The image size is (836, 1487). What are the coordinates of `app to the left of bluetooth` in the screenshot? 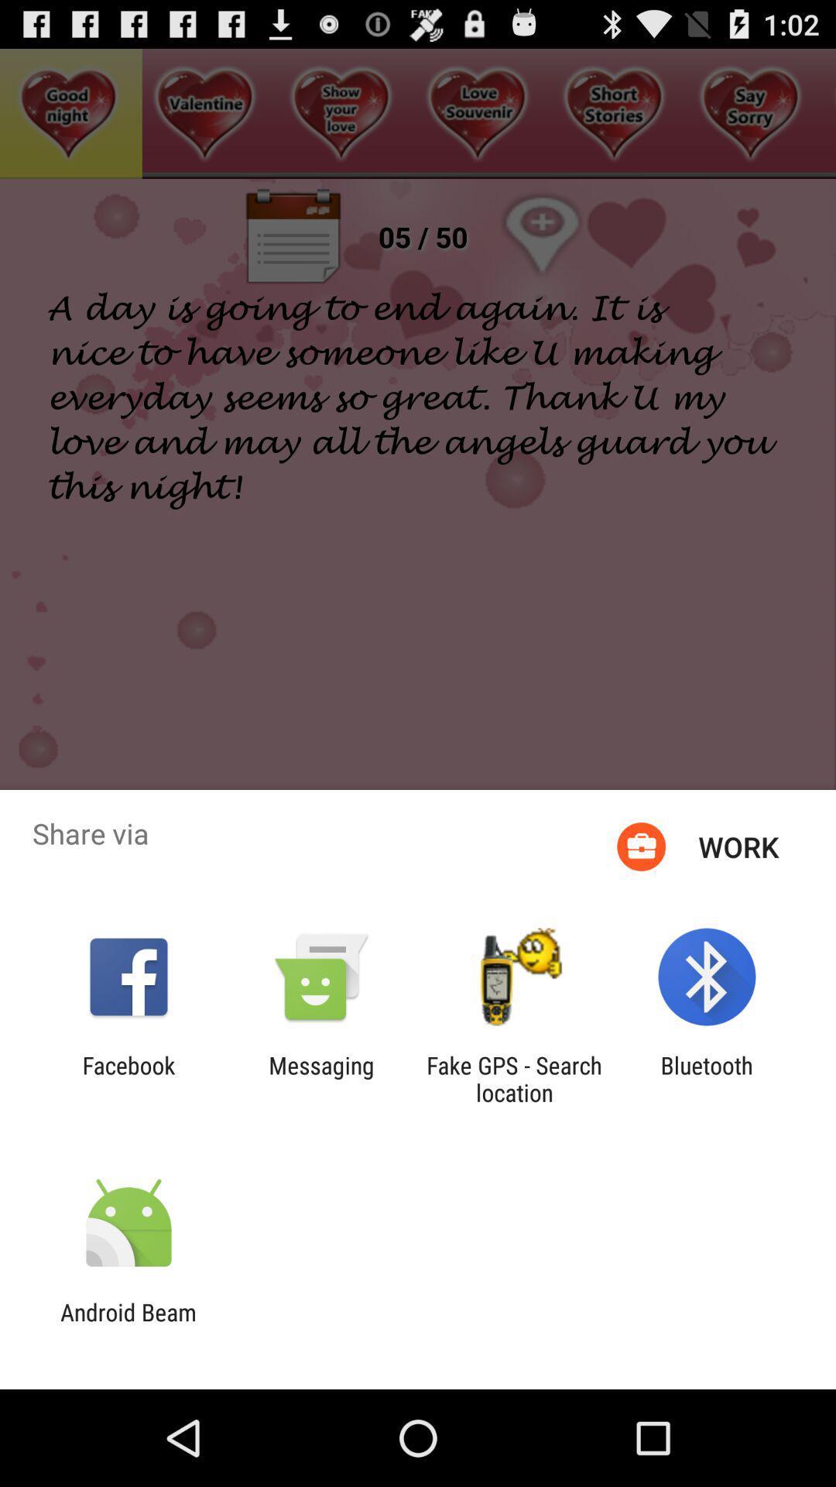 It's located at (514, 1078).